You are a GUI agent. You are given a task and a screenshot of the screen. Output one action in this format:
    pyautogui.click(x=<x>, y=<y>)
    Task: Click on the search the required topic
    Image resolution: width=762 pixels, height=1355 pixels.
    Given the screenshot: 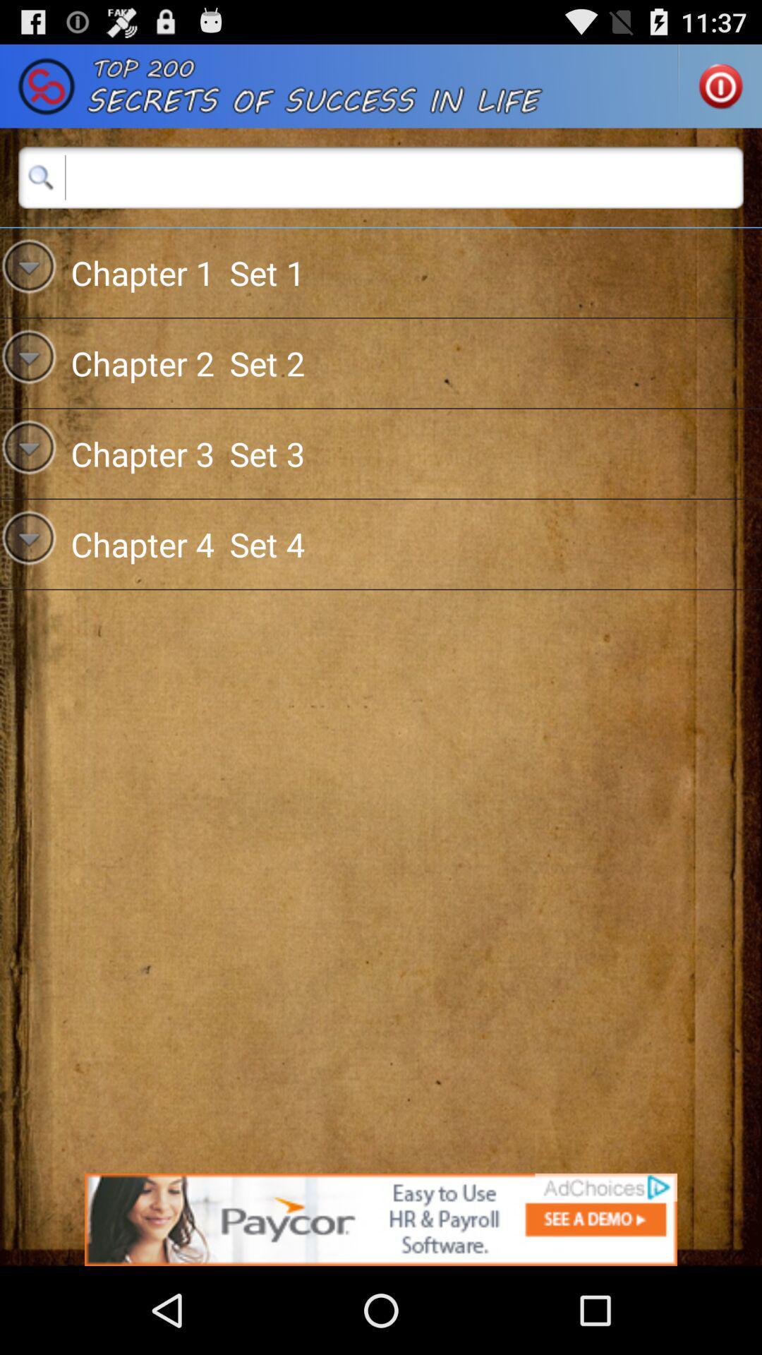 What is the action you would take?
    pyautogui.click(x=381, y=176)
    